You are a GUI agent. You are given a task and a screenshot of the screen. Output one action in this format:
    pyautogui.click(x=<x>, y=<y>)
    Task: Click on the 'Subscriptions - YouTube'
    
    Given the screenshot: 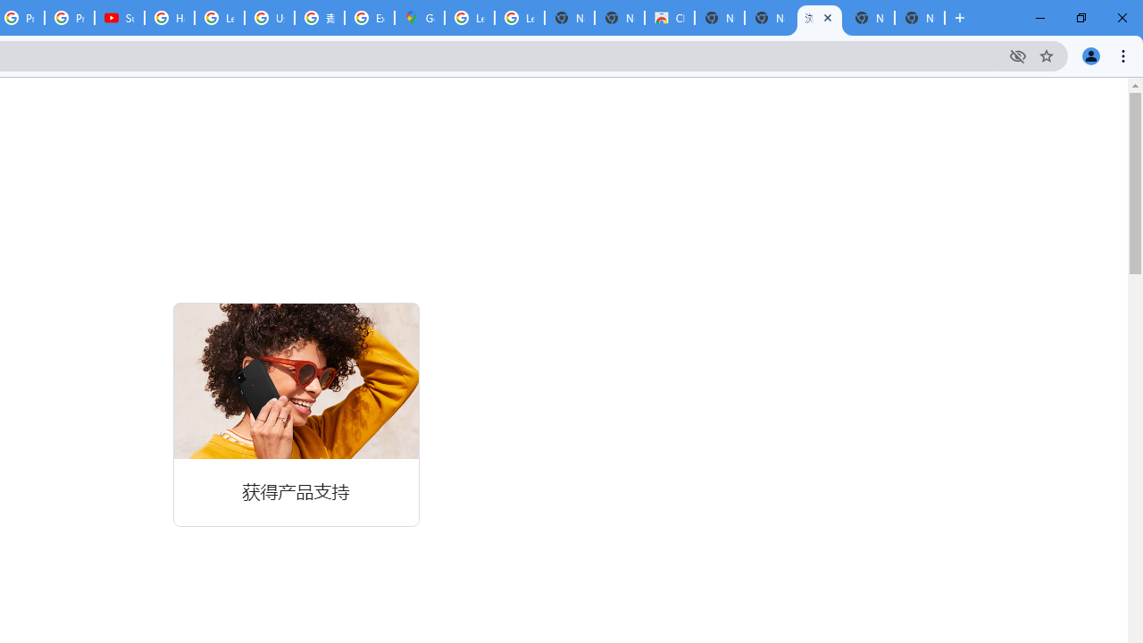 What is the action you would take?
    pyautogui.click(x=119, y=18)
    